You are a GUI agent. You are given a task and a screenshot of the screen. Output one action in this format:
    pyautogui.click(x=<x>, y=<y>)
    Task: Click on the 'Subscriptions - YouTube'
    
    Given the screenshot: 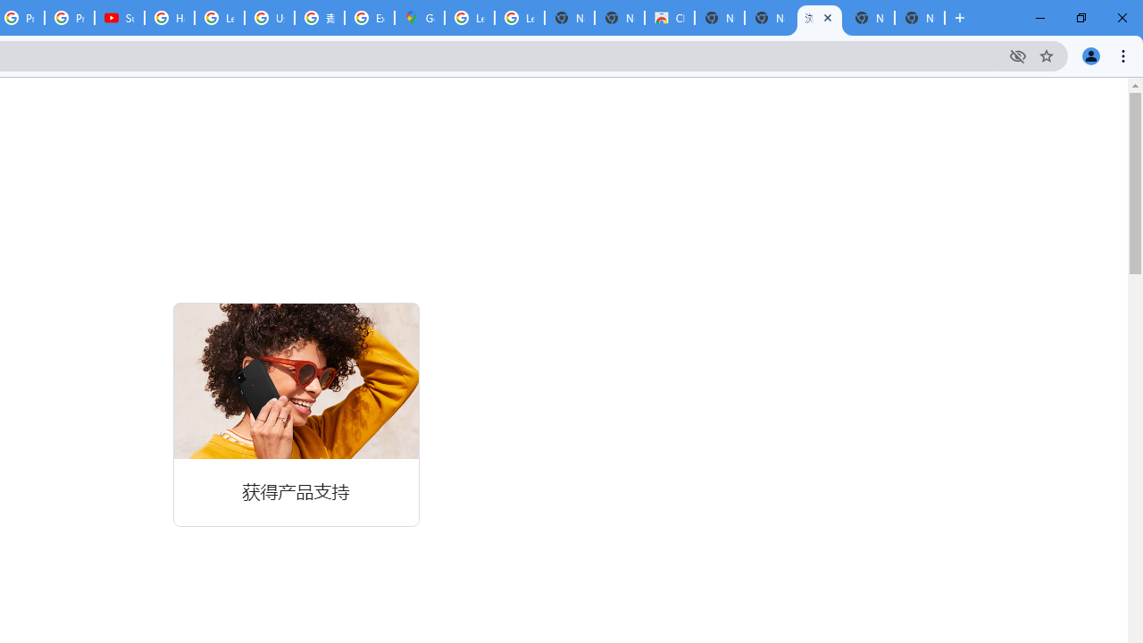 What is the action you would take?
    pyautogui.click(x=119, y=18)
    